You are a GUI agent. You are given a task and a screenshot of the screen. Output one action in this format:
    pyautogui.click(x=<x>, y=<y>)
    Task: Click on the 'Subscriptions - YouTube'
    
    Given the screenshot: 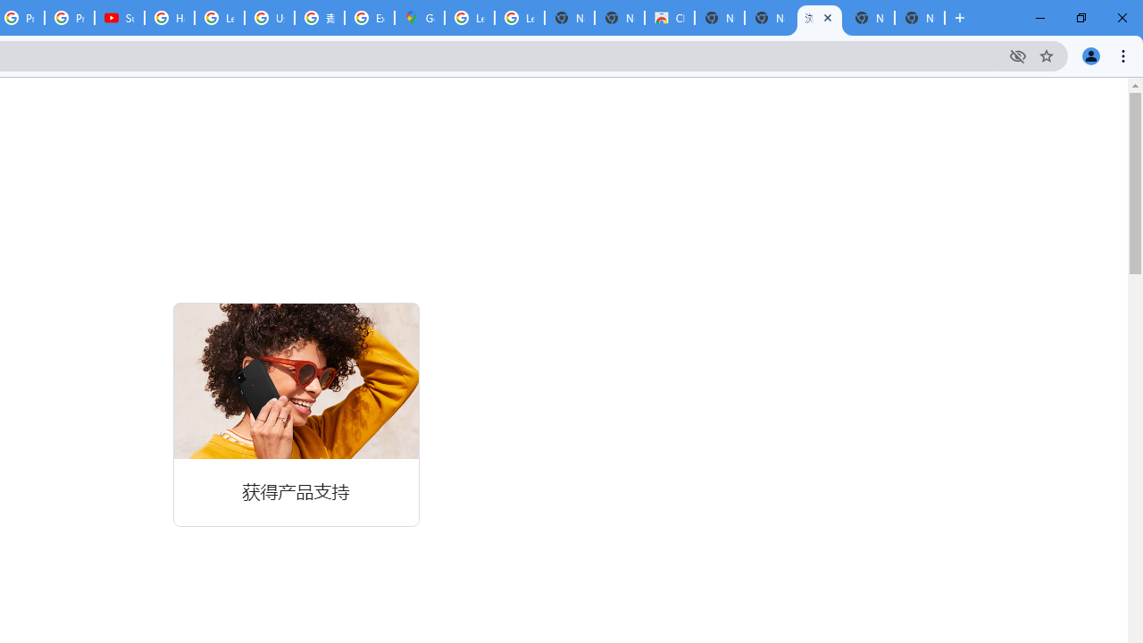 What is the action you would take?
    pyautogui.click(x=119, y=18)
    